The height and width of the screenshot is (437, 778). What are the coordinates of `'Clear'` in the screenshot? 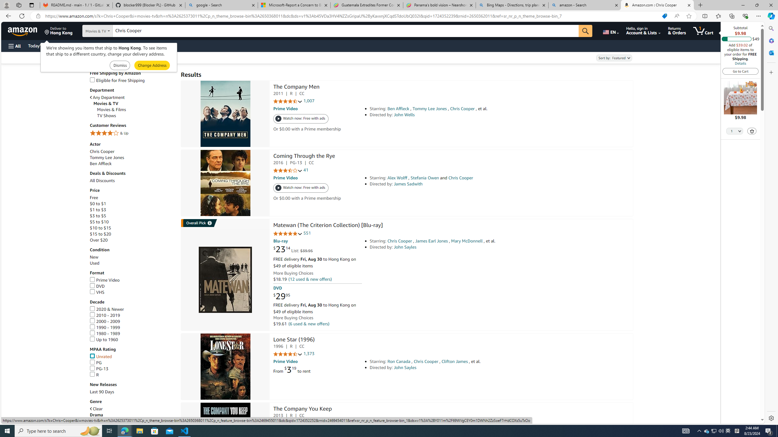 It's located at (132, 409).